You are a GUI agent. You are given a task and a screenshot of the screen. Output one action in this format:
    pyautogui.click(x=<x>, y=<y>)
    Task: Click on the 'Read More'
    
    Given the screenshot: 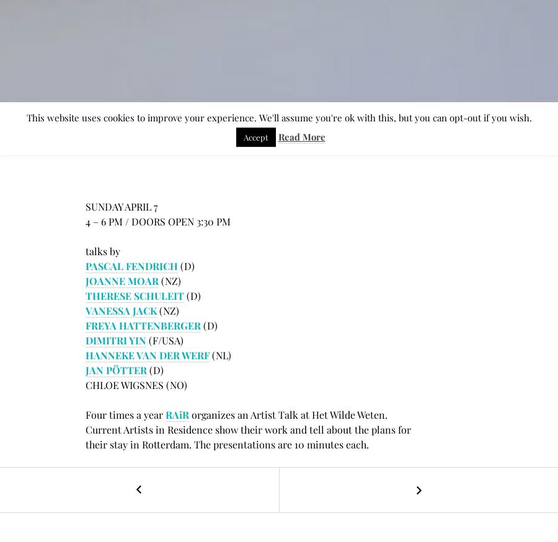 What is the action you would take?
    pyautogui.click(x=278, y=137)
    